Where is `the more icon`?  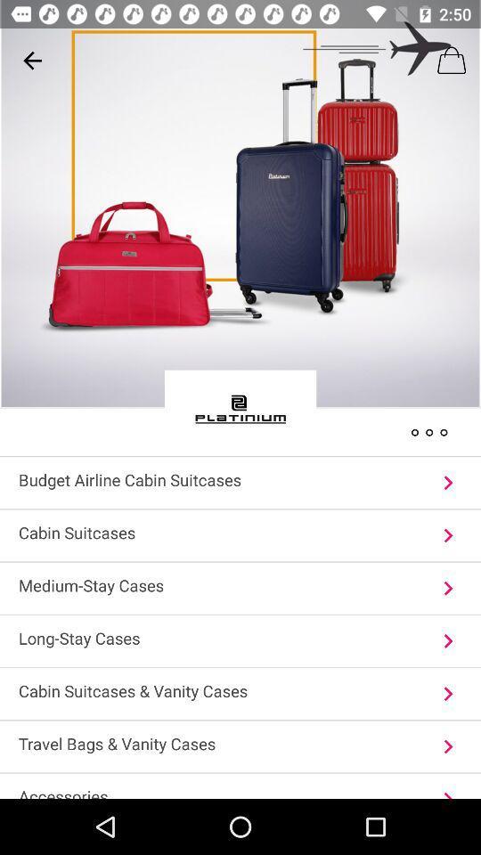
the more icon is located at coordinates (428, 431).